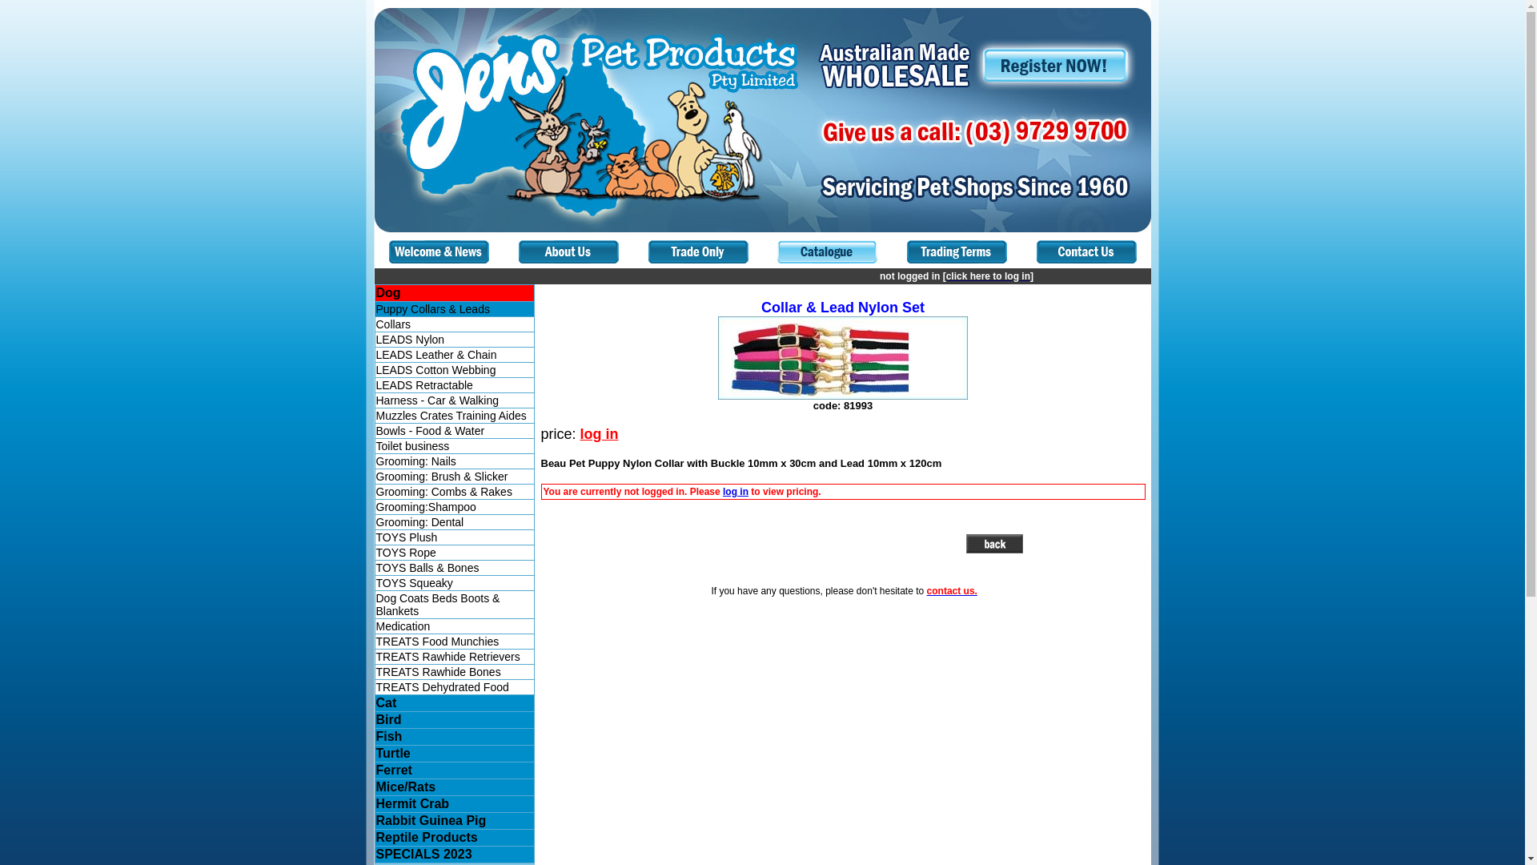 Image resolution: width=1537 pixels, height=865 pixels. I want to click on 'LEADS Cotton Webbing', so click(436, 370).